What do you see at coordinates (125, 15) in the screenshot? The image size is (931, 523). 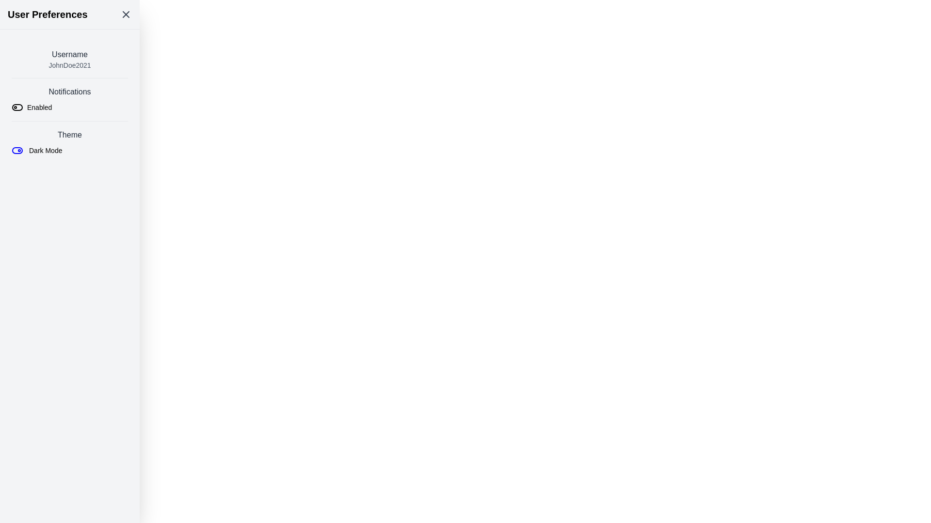 I see `the 'X' Close Button Icon located in the top-right corner of the 'User Preferences' sidebar` at bounding box center [125, 15].